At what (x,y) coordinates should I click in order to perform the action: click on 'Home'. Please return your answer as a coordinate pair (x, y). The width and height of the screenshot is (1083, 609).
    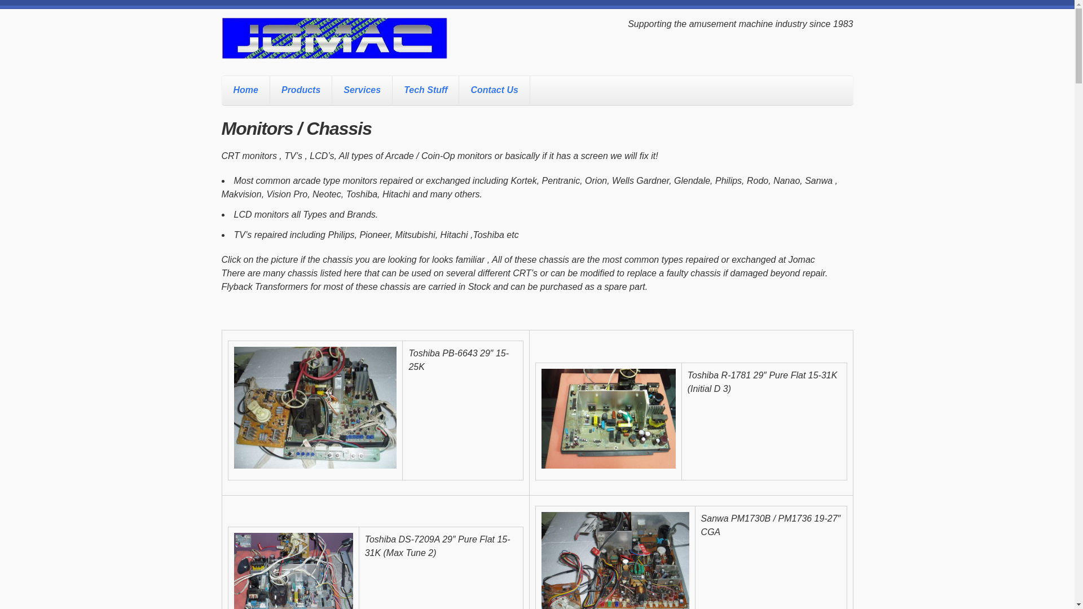
    Looking at the image, I should click on (245, 89).